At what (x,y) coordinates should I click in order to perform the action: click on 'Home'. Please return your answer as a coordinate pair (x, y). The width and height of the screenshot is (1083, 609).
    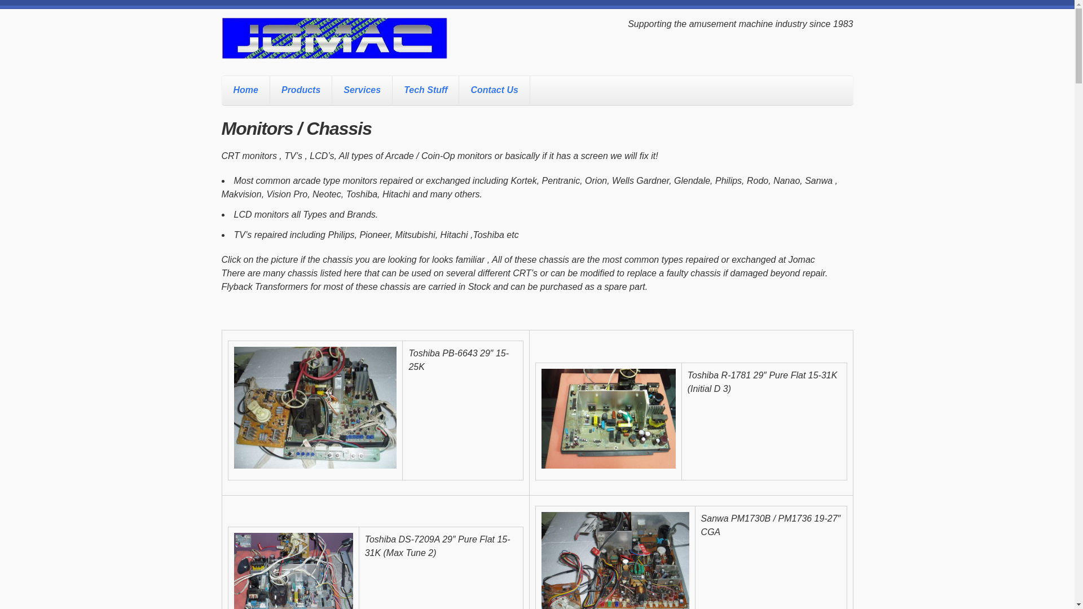
    Looking at the image, I should click on (245, 89).